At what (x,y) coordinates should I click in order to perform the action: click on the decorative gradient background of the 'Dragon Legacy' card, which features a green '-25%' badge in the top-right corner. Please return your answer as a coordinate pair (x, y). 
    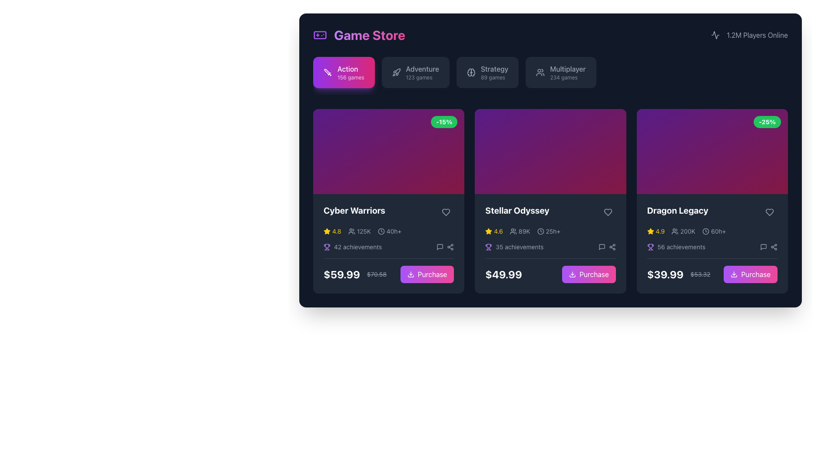
    Looking at the image, I should click on (712, 151).